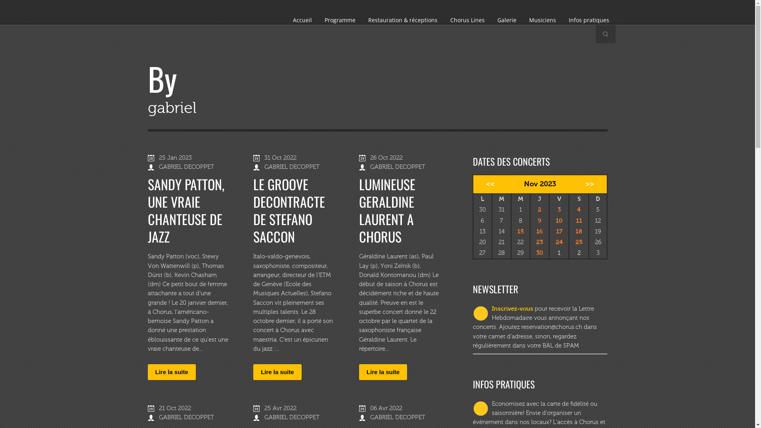  I want to click on '15', so click(520, 231).